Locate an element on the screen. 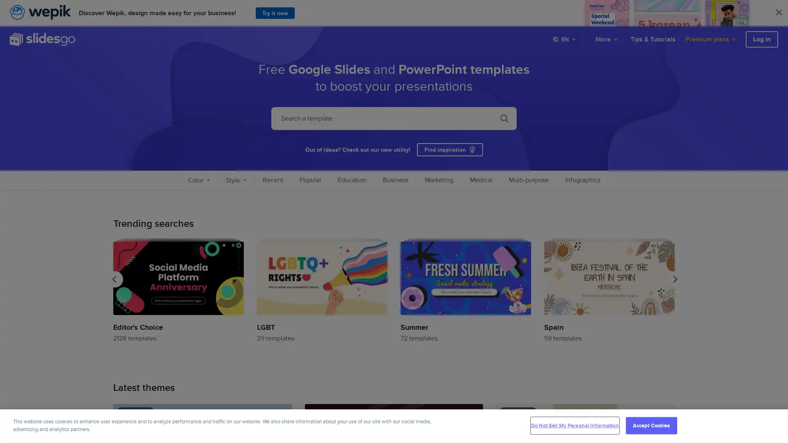 Image resolution: width=788 pixels, height=443 pixels. Download is located at coordinates (282, 425).